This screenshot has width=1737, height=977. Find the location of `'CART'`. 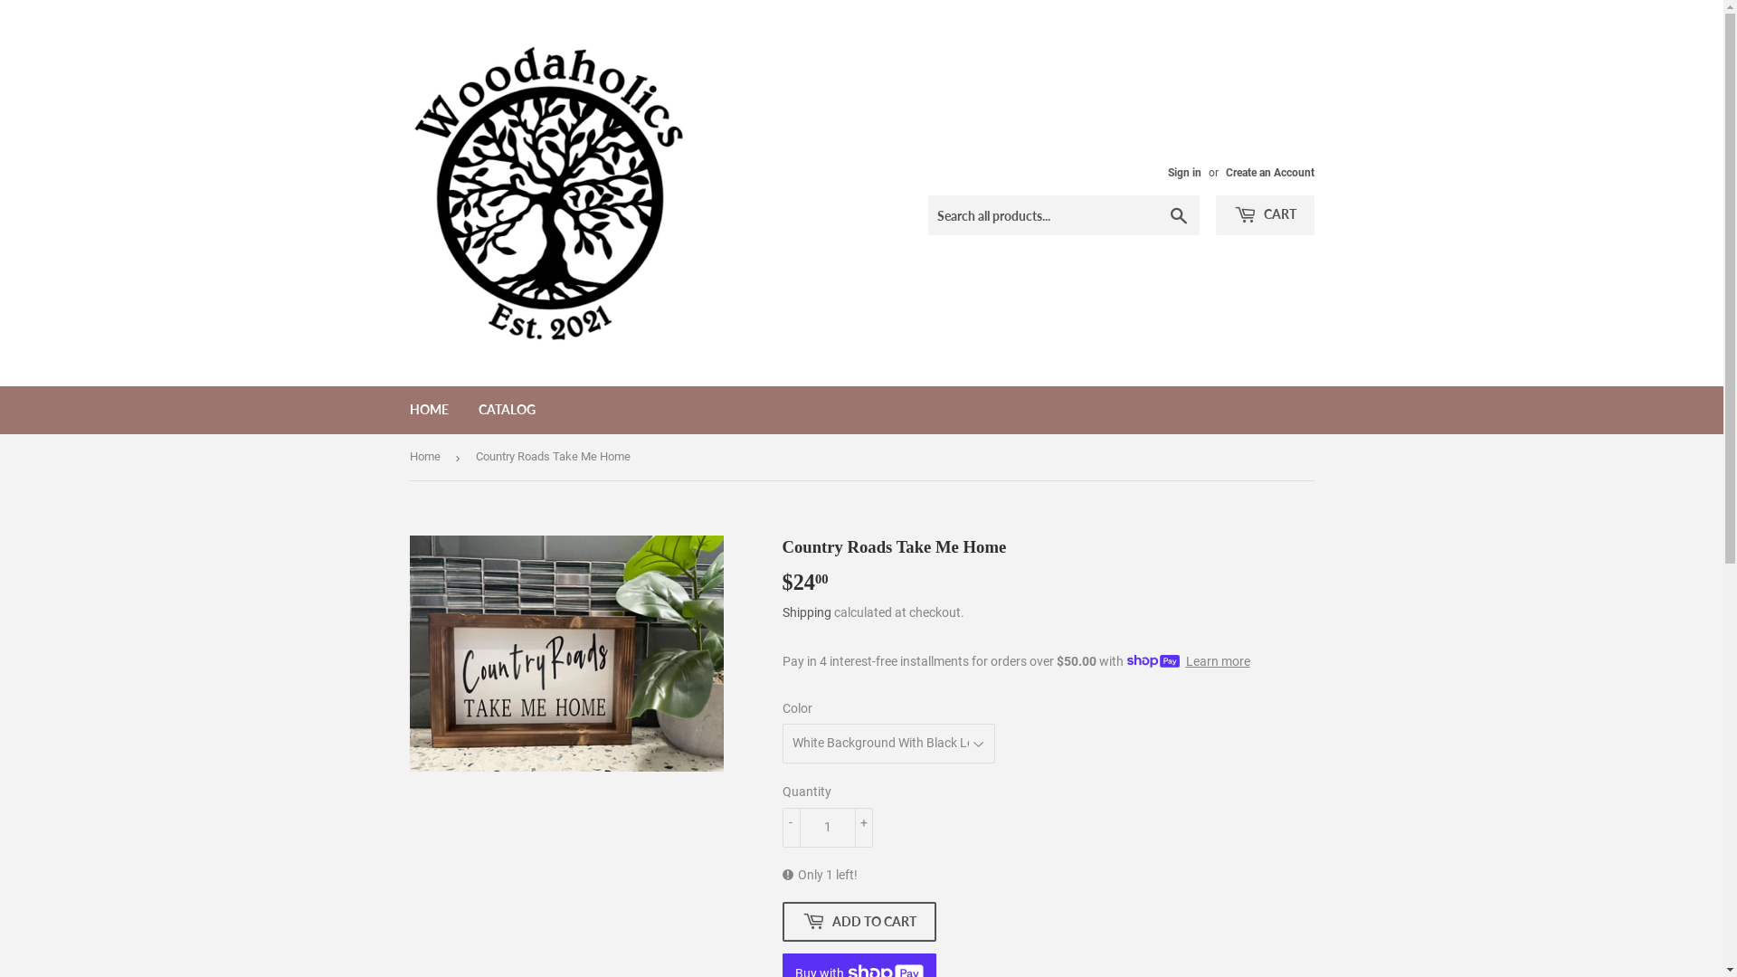

'CART' is located at coordinates (1264, 214).